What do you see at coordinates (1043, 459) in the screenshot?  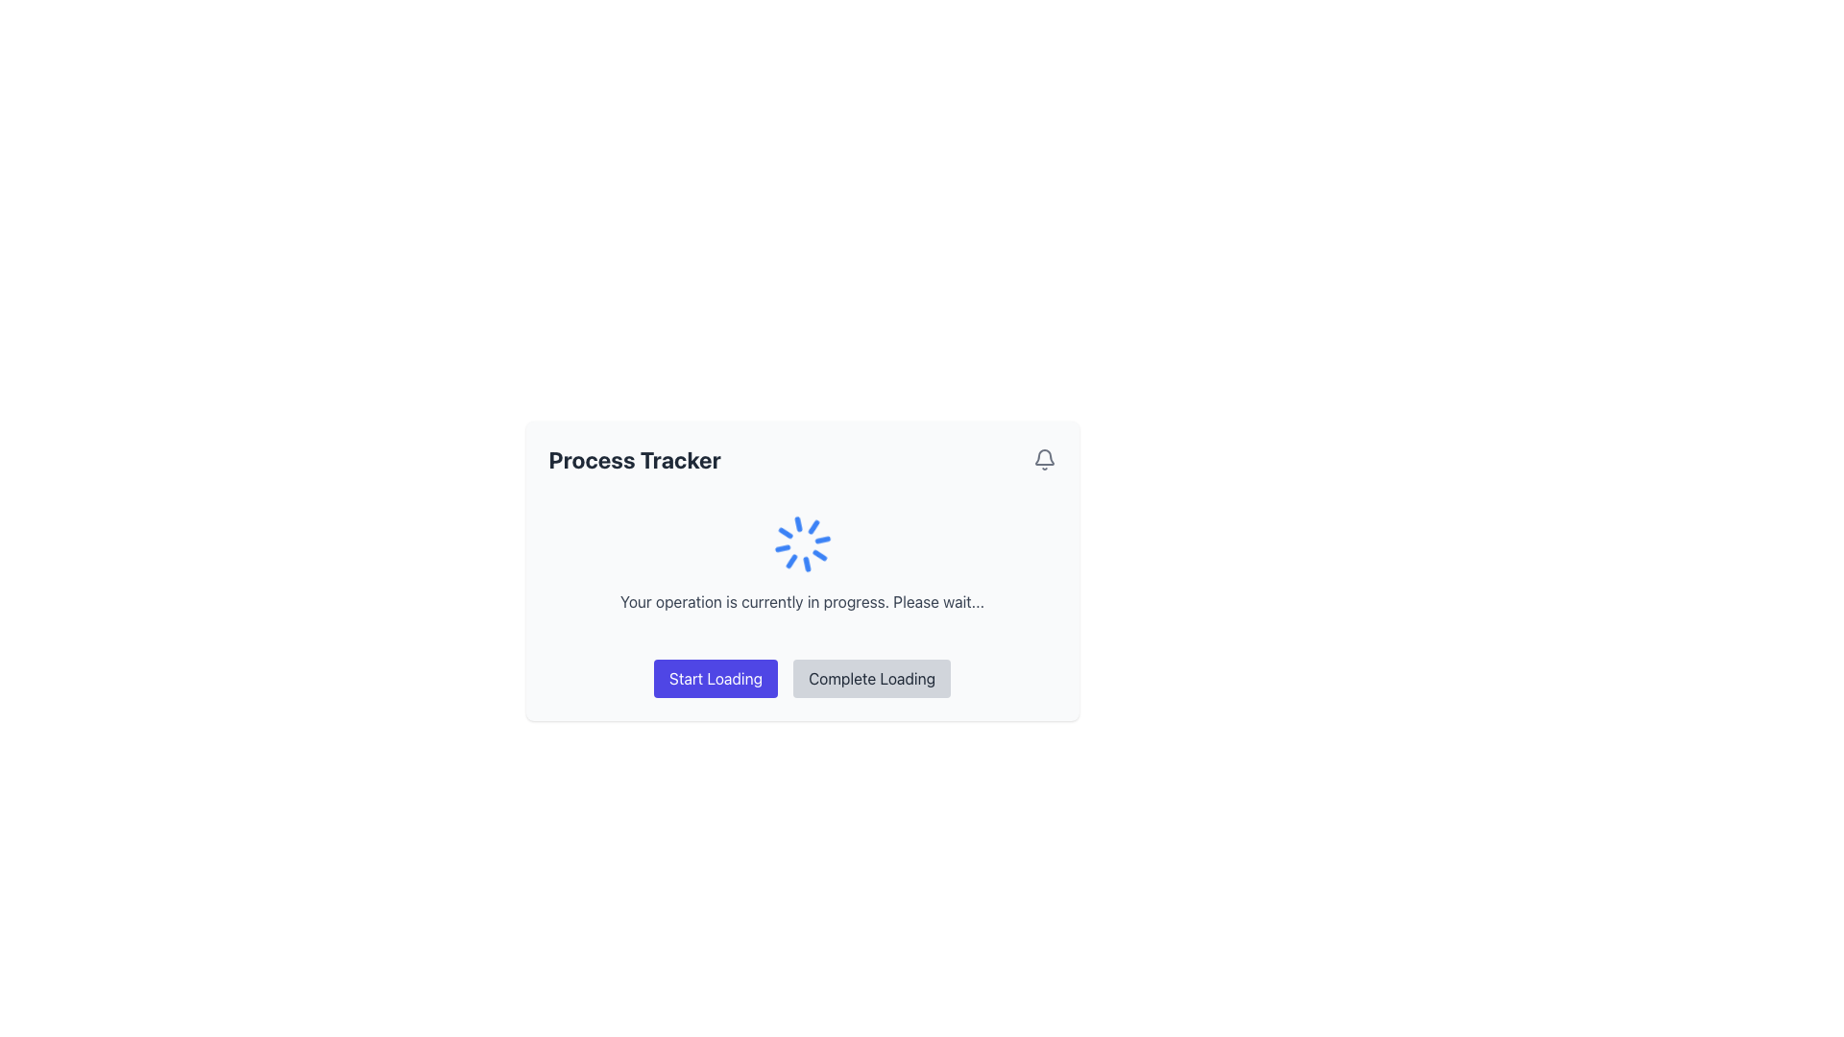 I see `the bell-shaped icon located in the header section adjacent to the 'Process Tracker' title` at bounding box center [1043, 459].